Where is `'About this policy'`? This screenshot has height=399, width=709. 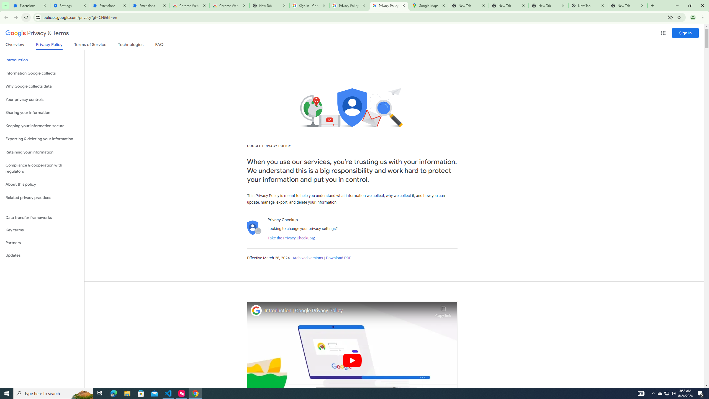
'About this policy' is located at coordinates (42, 185).